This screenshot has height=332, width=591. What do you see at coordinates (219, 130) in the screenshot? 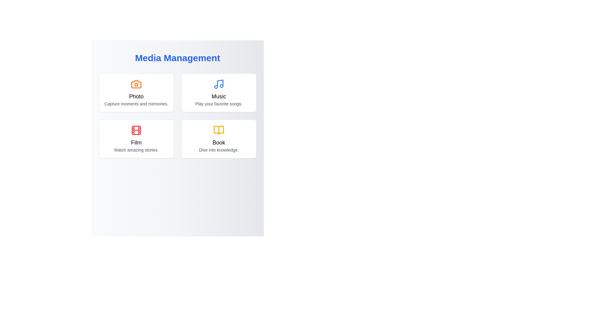
I see `the decorative 'Book' iconography element located in the bottom-right quadrant of the main panel, above the 'Book' label and description text` at bounding box center [219, 130].